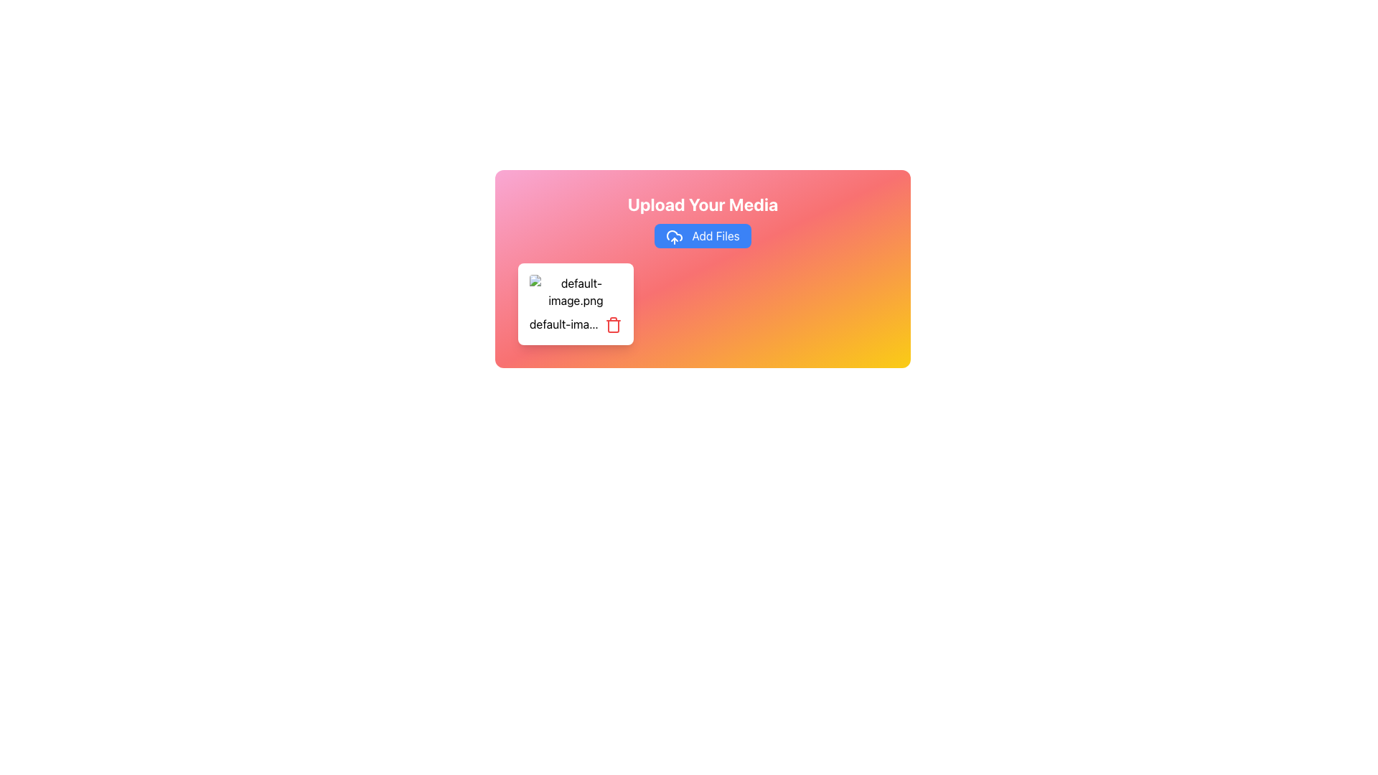 This screenshot has width=1378, height=775. What do you see at coordinates (703, 235) in the screenshot?
I see `the 'Add Files' button, which is a blue rounded button with white text and an upload icon, located below the title 'Upload Your Media'` at bounding box center [703, 235].